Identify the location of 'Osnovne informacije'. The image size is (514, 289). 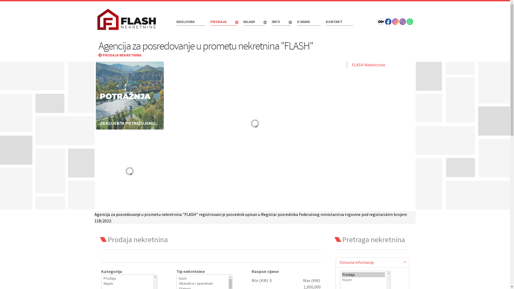
(372, 262).